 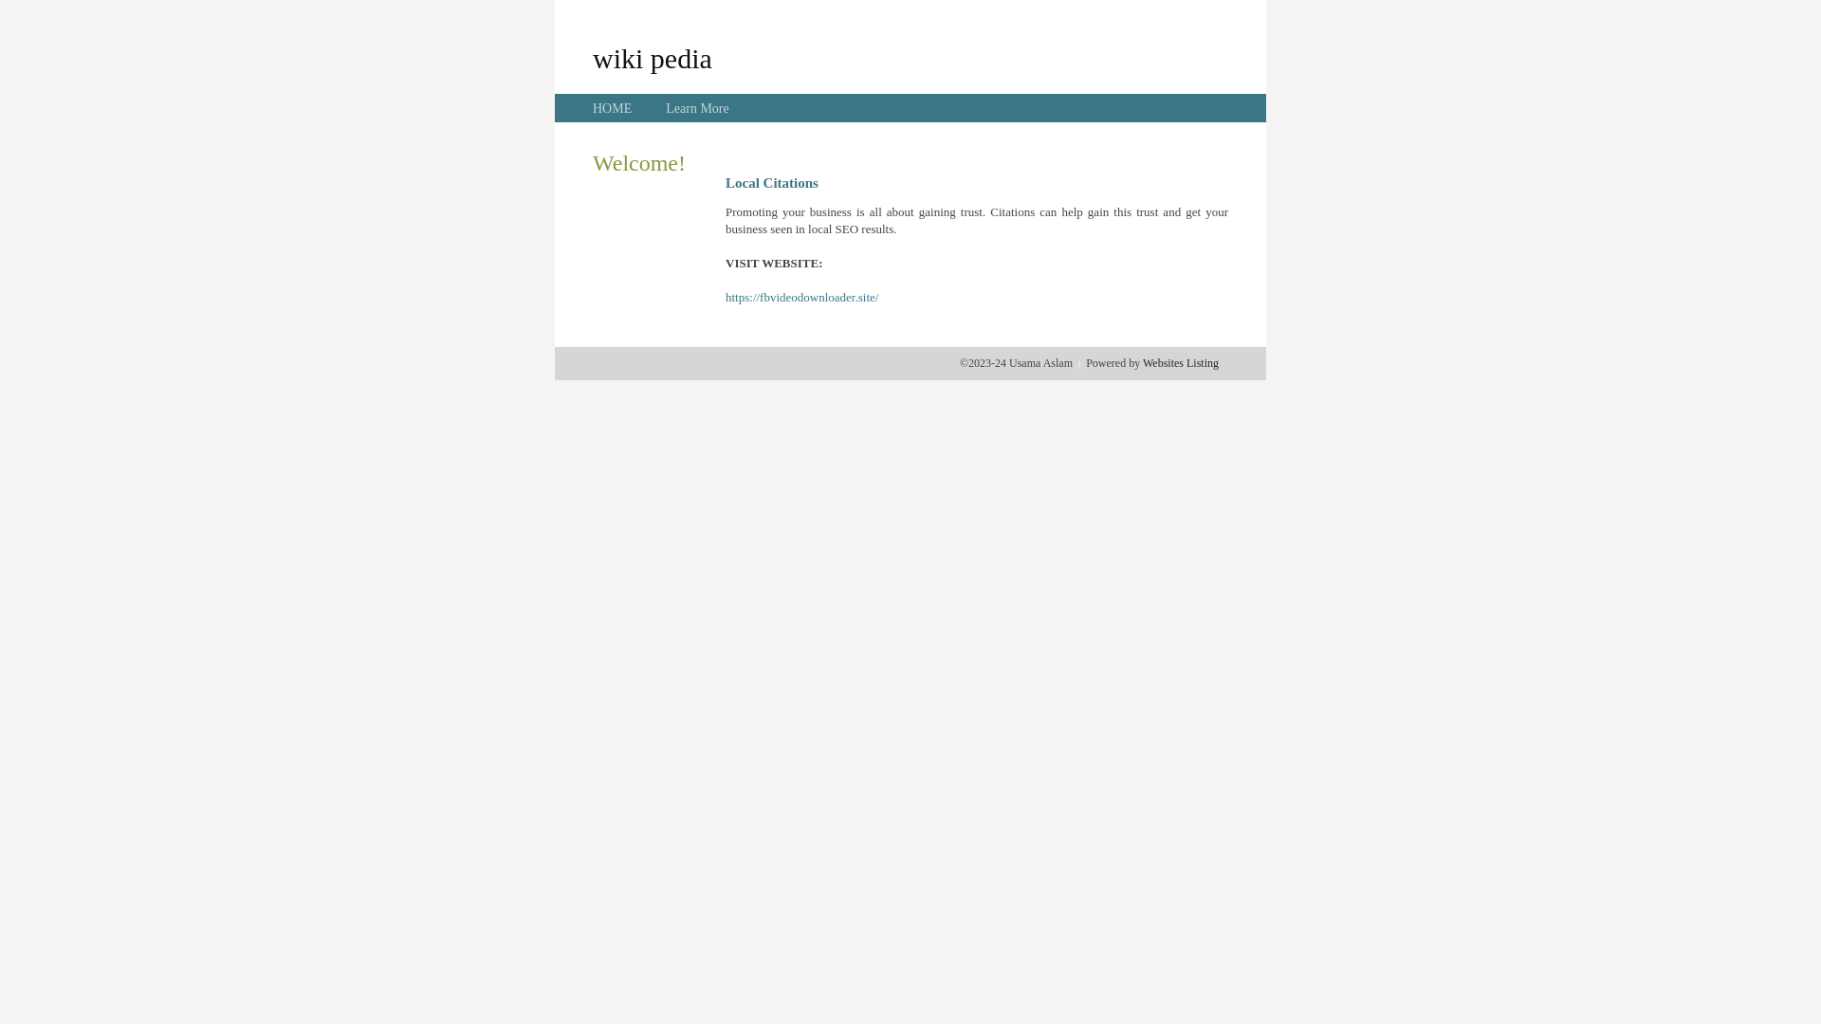 What do you see at coordinates (801, 297) in the screenshot?
I see `'https://fbvideodownloader.site/'` at bounding box center [801, 297].